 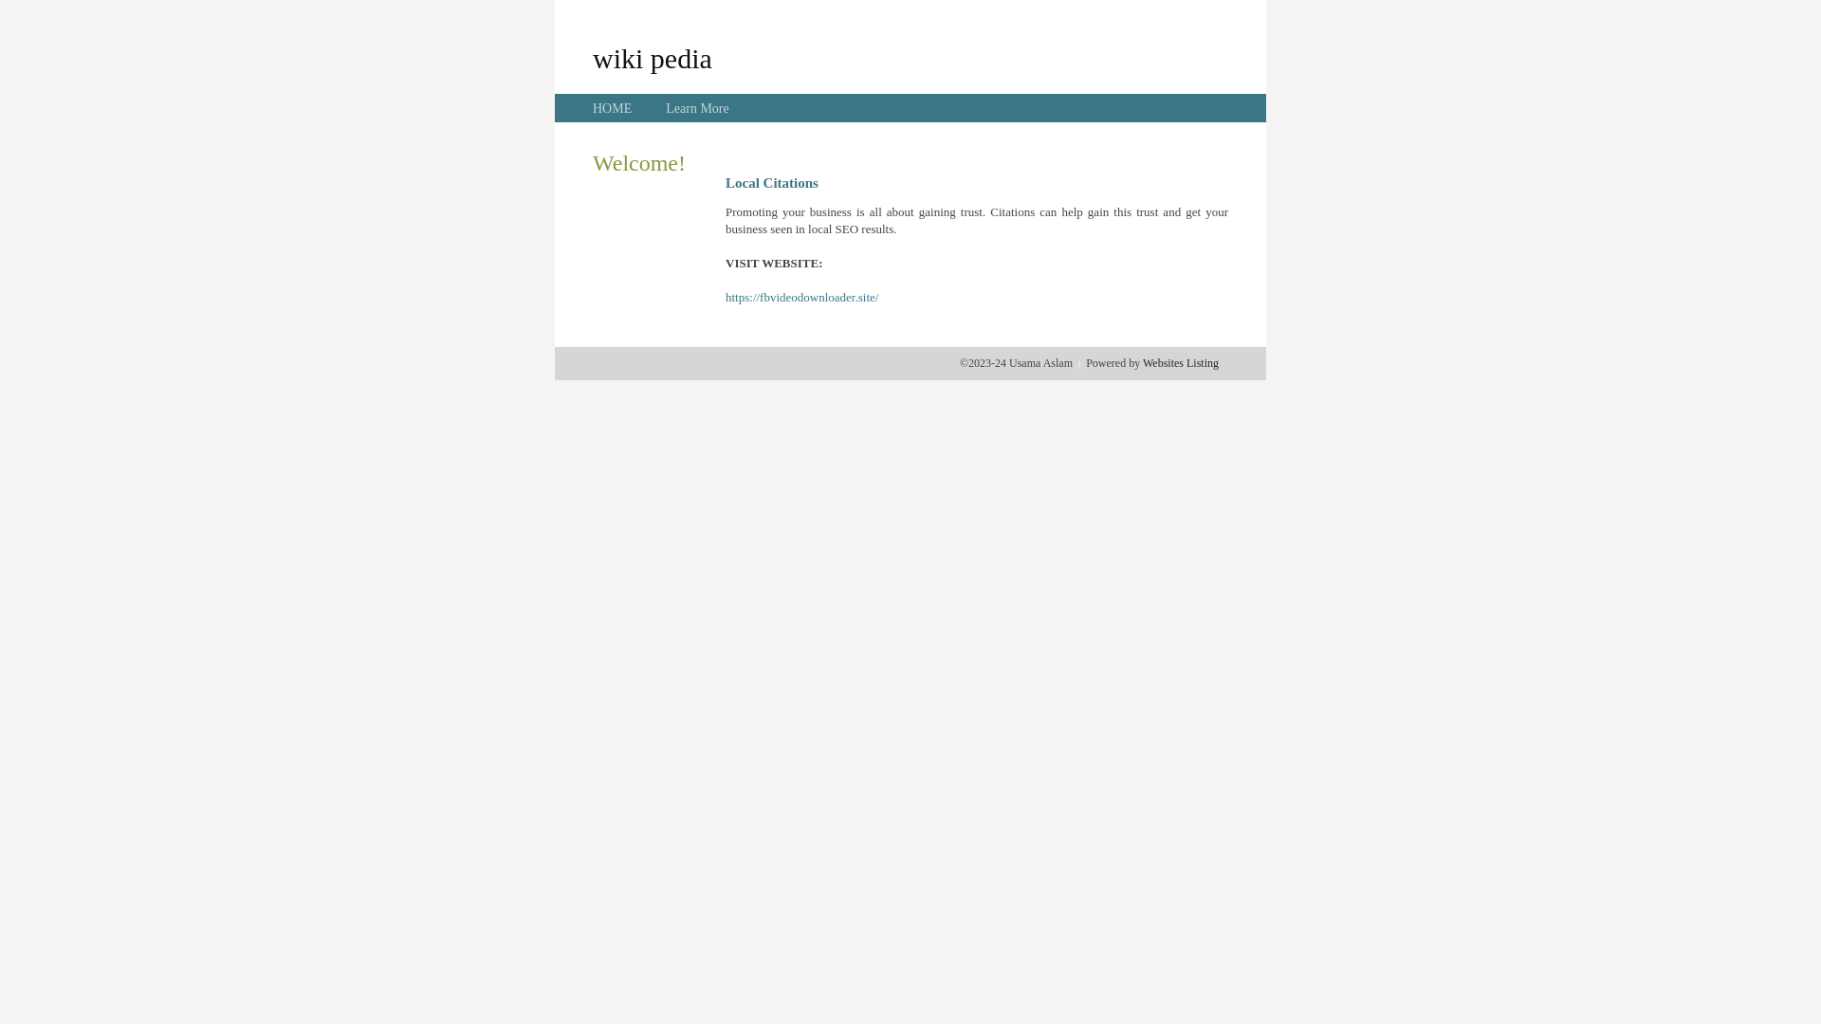 What do you see at coordinates (801, 297) in the screenshot?
I see `'https://fbvideodownloader.site/'` at bounding box center [801, 297].